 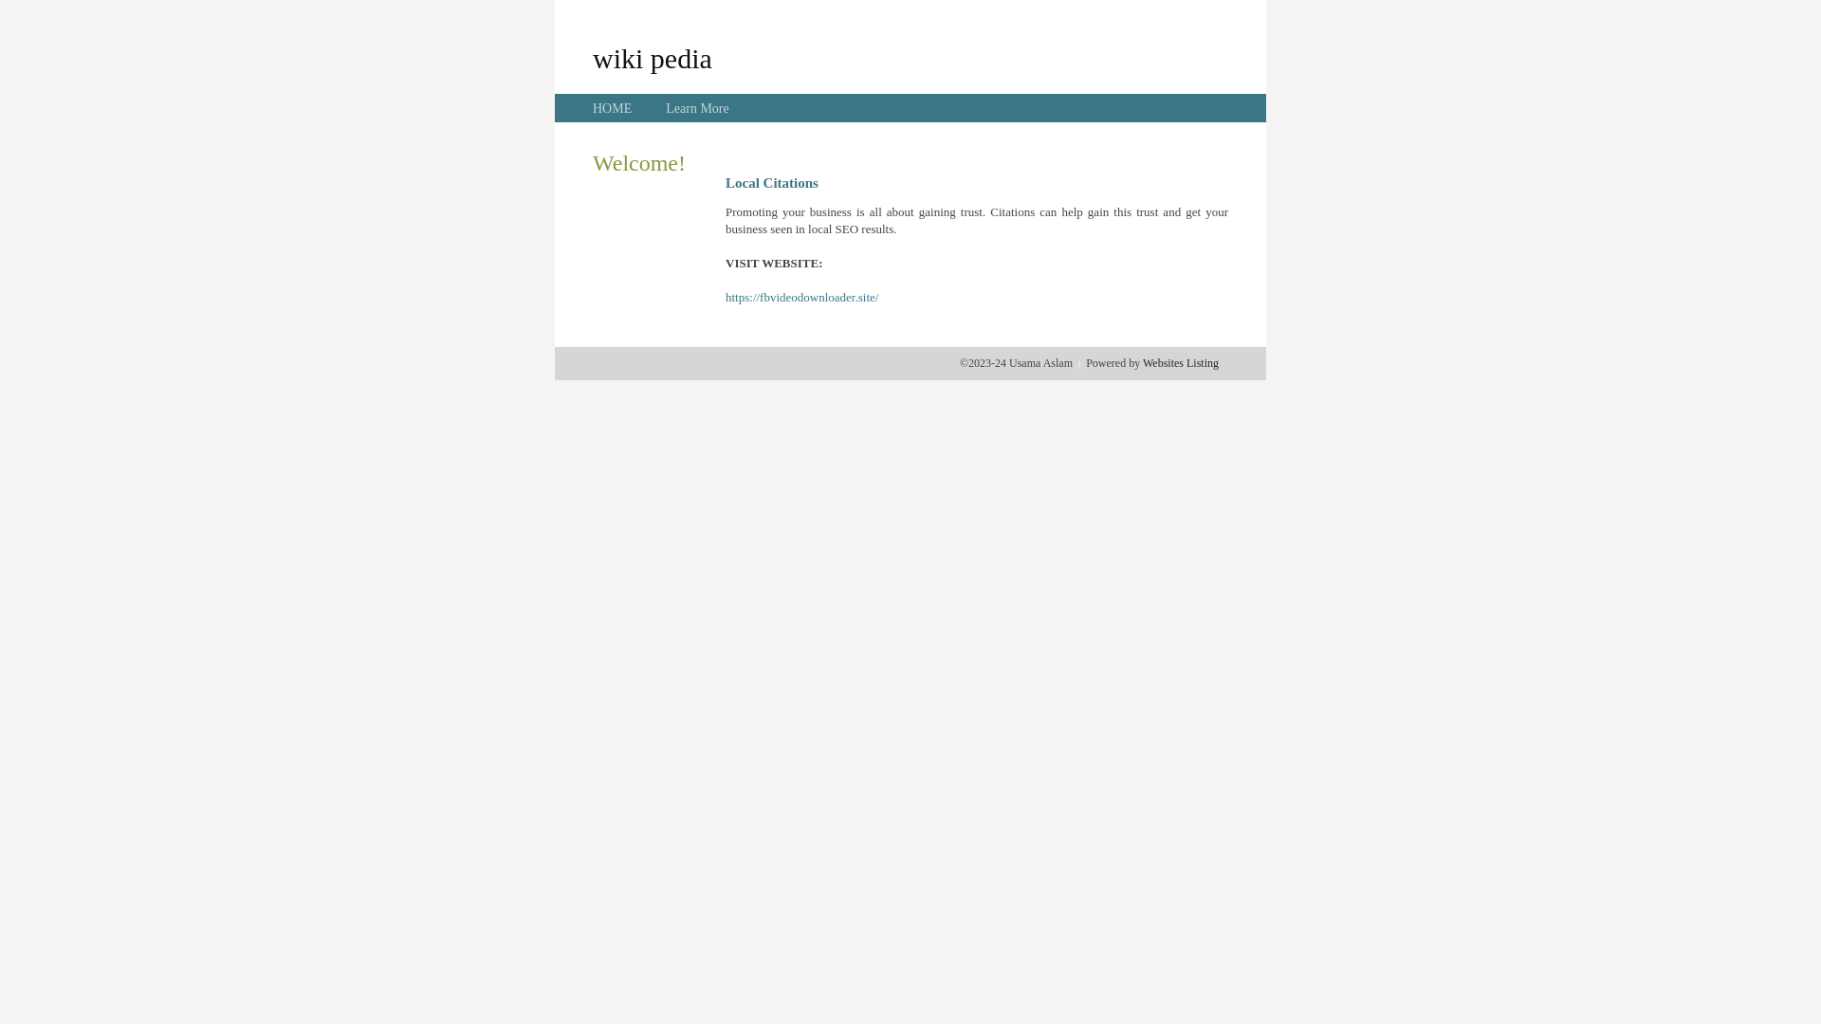 What do you see at coordinates (801, 297) in the screenshot?
I see `'https://fbvideodownloader.site/'` at bounding box center [801, 297].